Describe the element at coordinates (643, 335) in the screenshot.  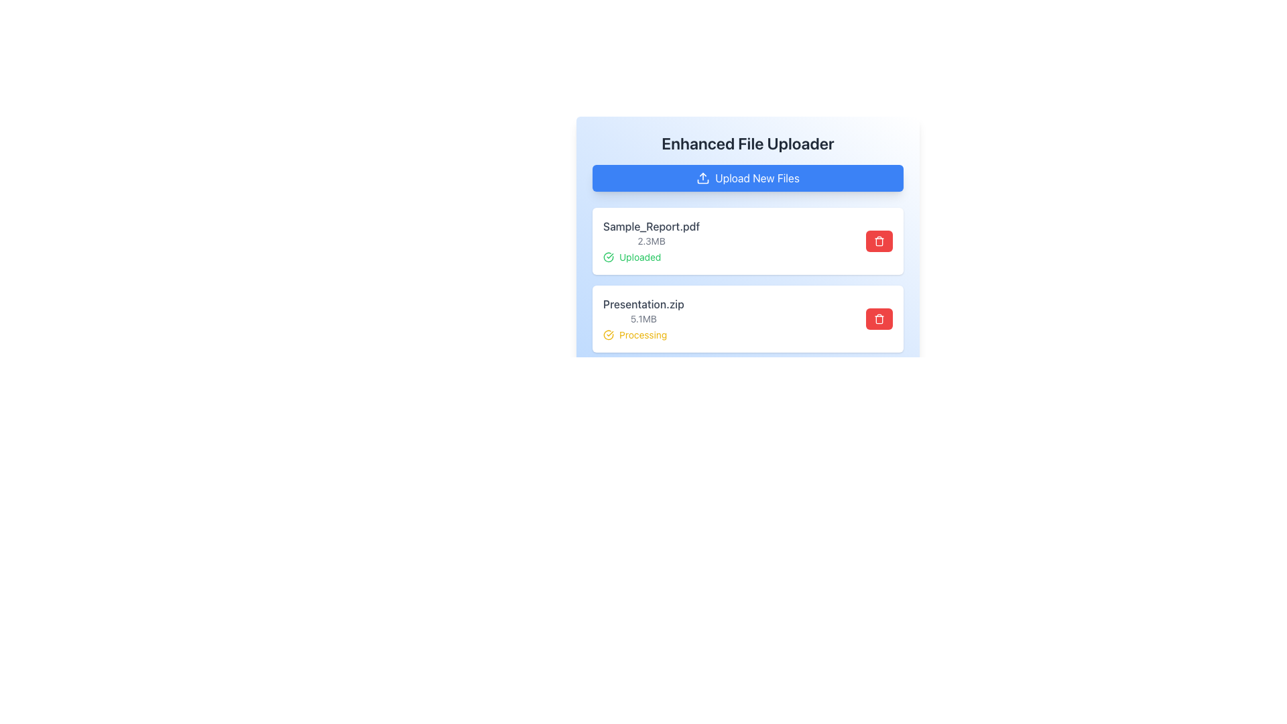
I see `the status indicator text label with icon located below the file name 'Presentation.zip' in the lower section of the item card` at that location.